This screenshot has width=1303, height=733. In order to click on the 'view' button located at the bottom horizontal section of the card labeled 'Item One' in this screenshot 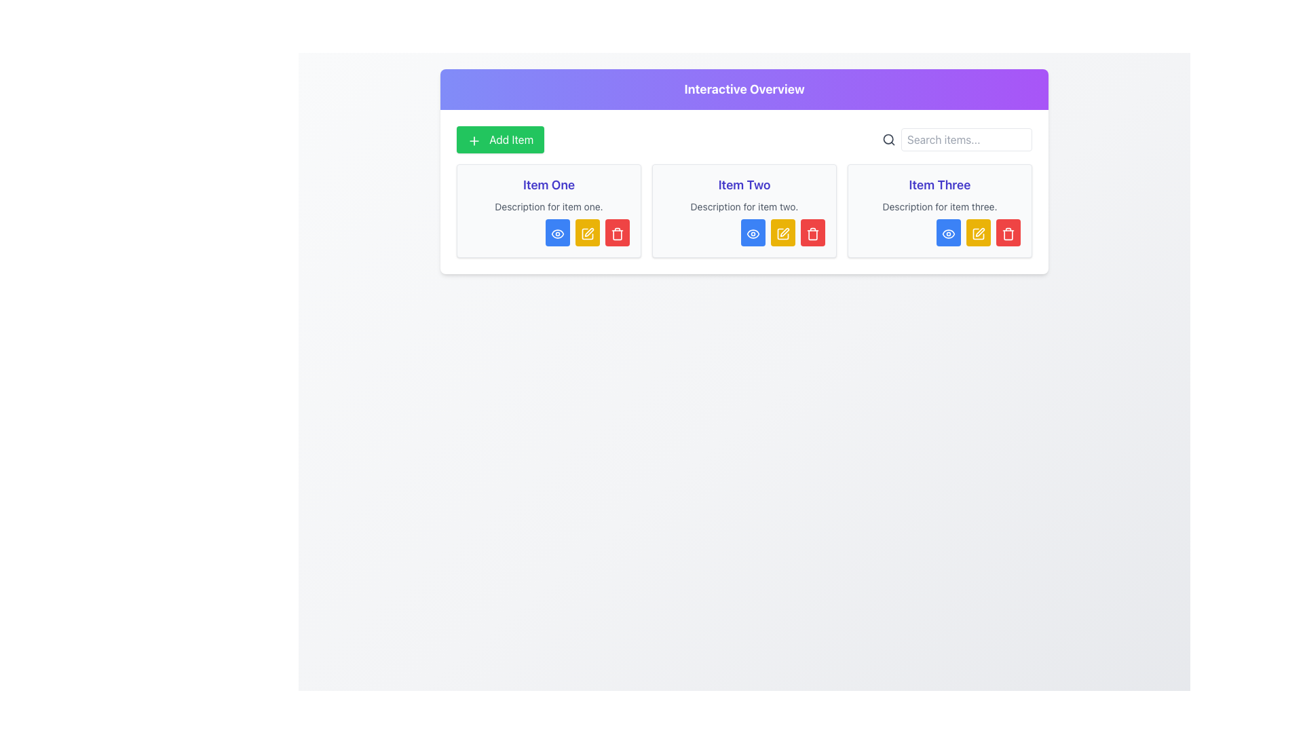, I will do `click(549, 232)`.